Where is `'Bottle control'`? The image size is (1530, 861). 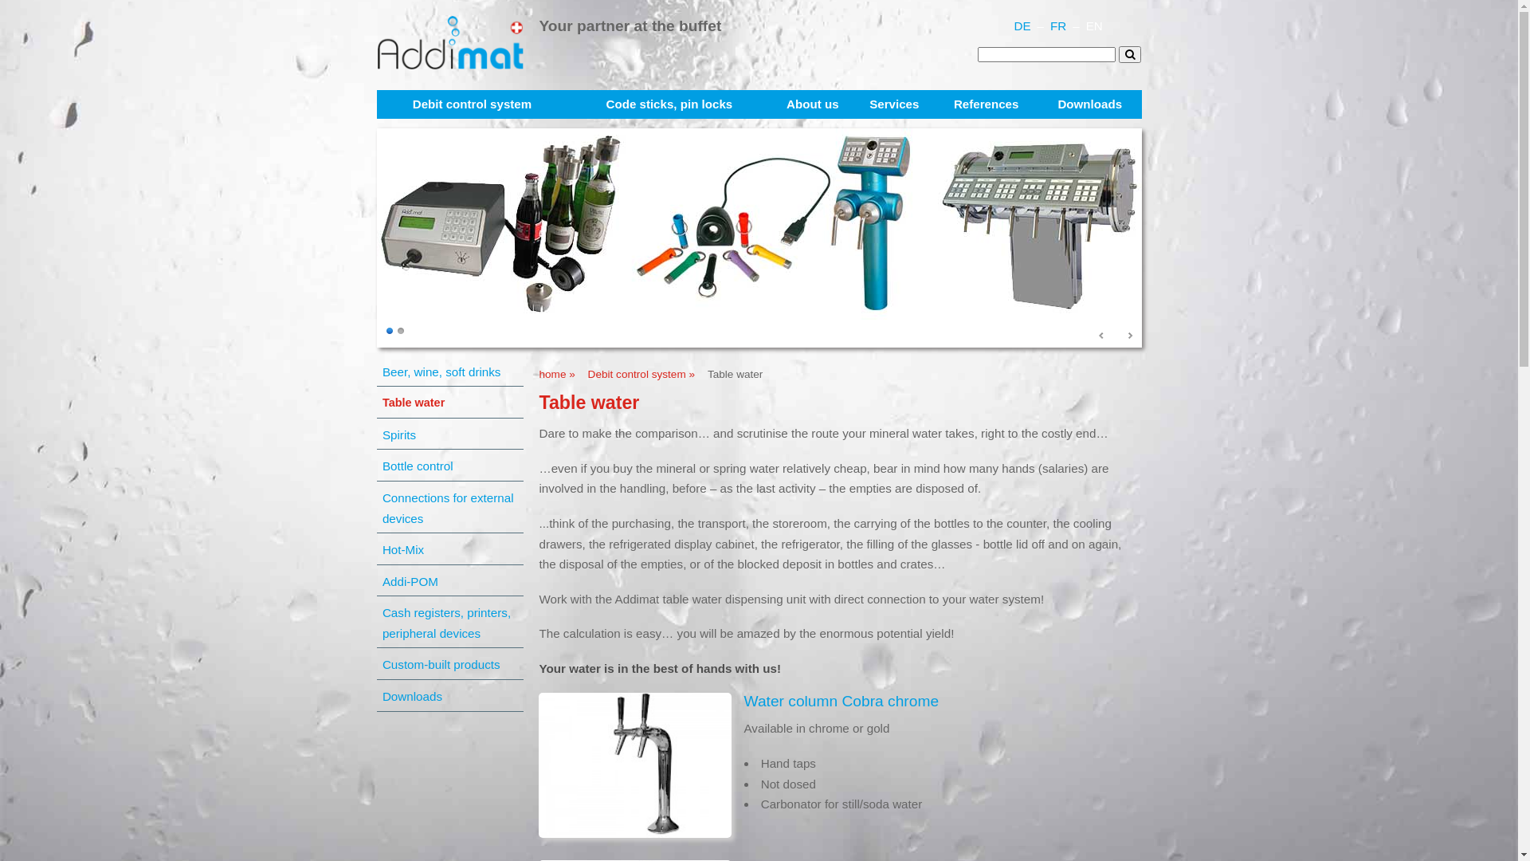 'Bottle control' is located at coordinates (452, 465).